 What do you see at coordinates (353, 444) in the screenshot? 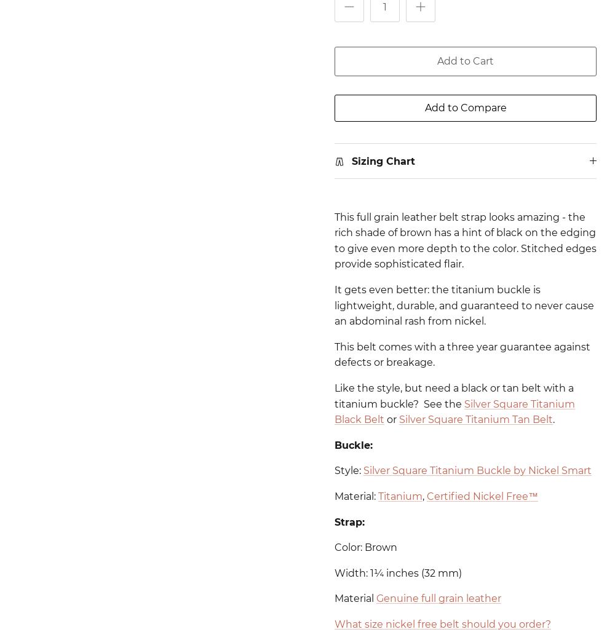
I see `'Buckle:'` at bounding box center [353, 444].